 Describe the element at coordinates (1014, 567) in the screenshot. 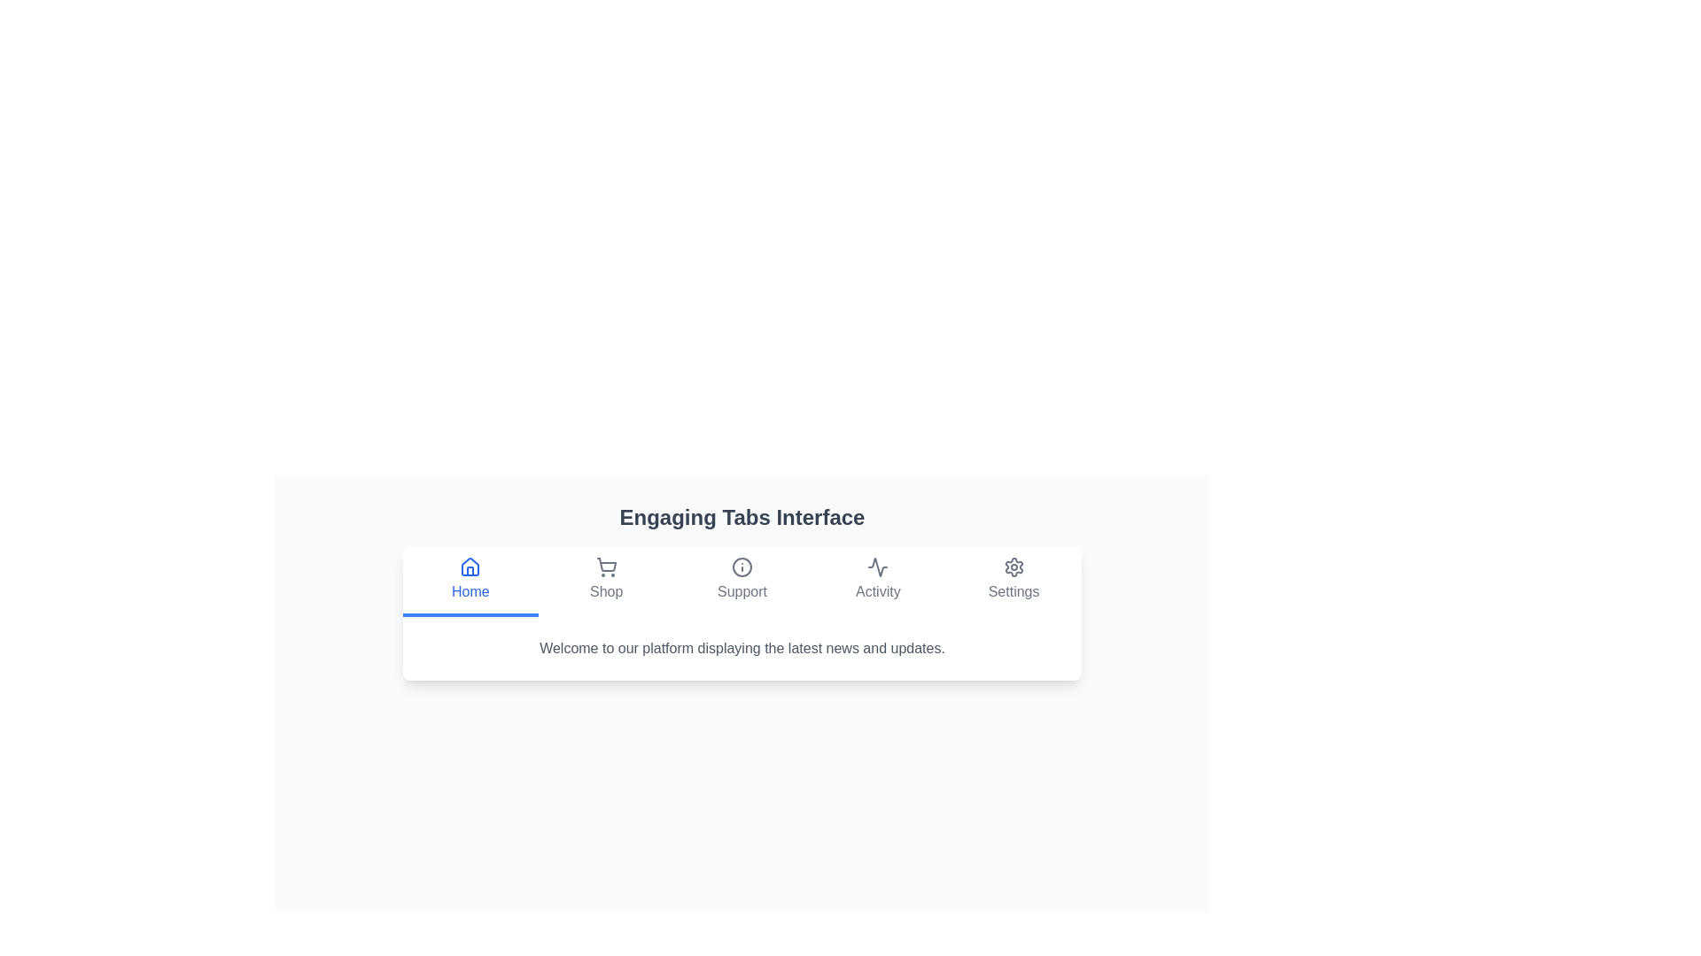

I see `the gear icon representing settings located at the top-right corner of the settings tab` at that location.